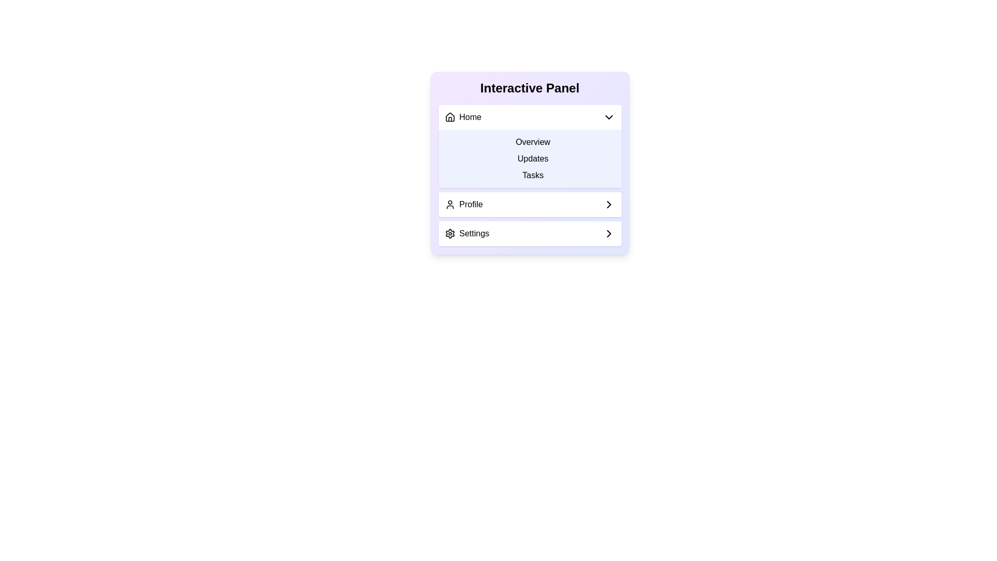 This screenshot has width=997, height=561. What do you see at coordinates (533, 175) in the screenshot?
I see `the 'Tasks' text label, which is the third option in a list of three items used for navigation to the Tasks section` at bounding box center [533, 175].